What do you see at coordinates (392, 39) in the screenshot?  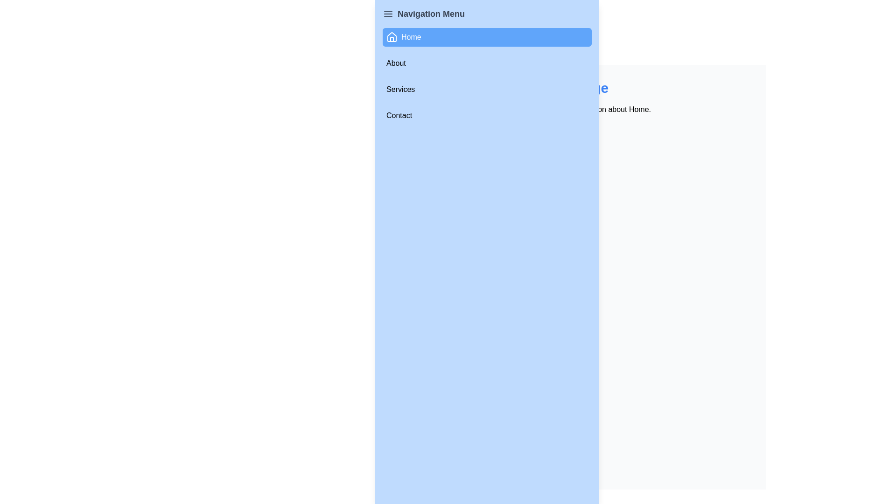 I see `the house icon element located in the navigation sidebar, which is the first entry in the menu and positioned to the left of the 'Home' text` at bounding box center [392, 39].